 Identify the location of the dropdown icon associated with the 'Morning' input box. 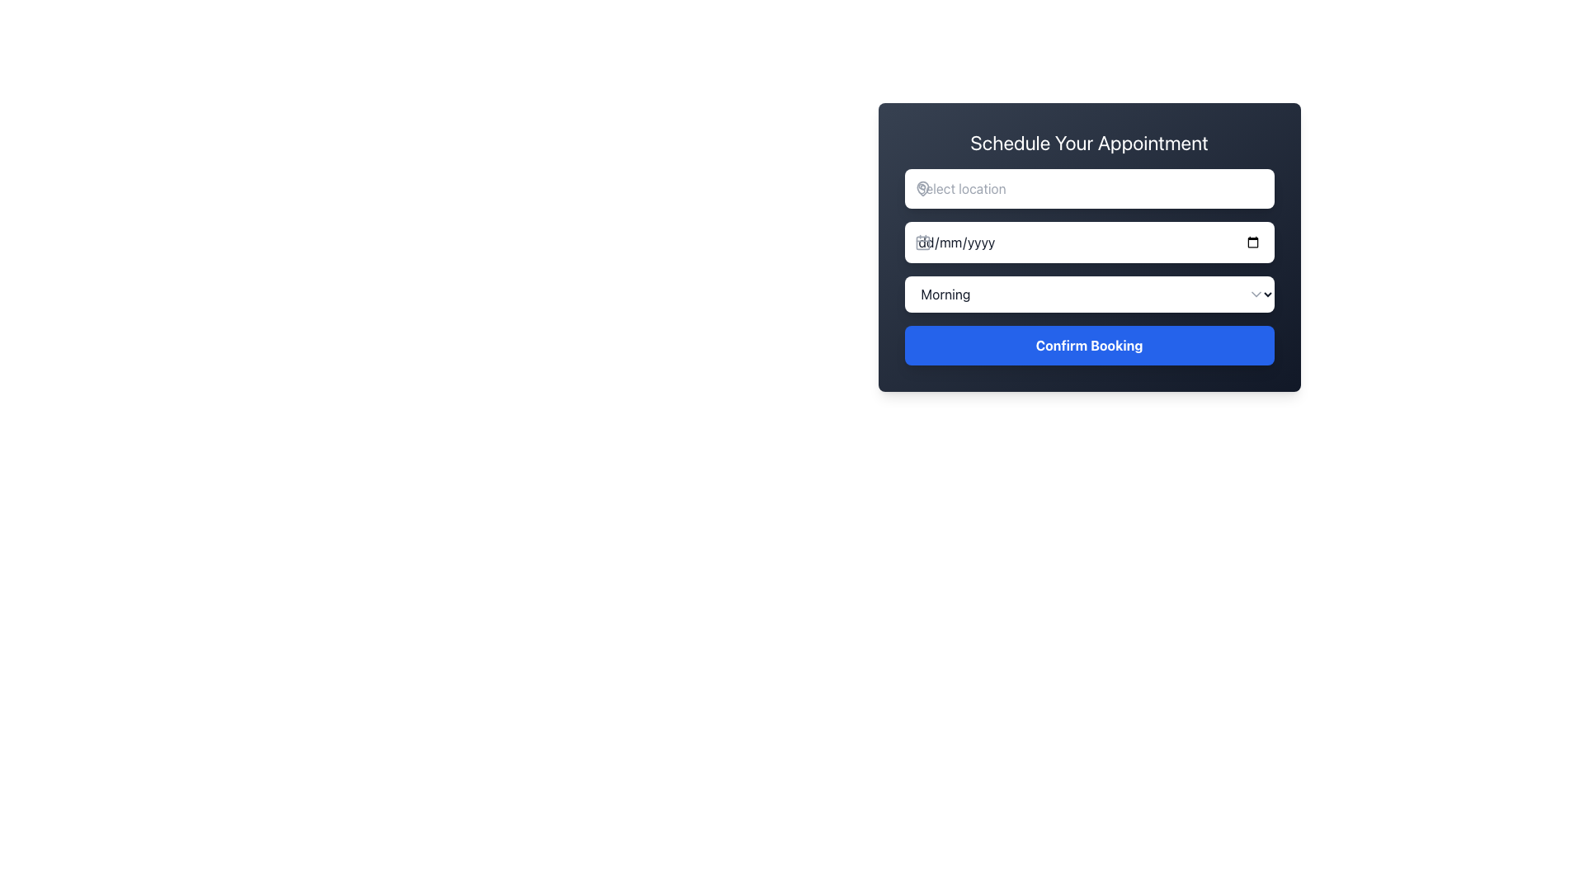
(1255, 294).